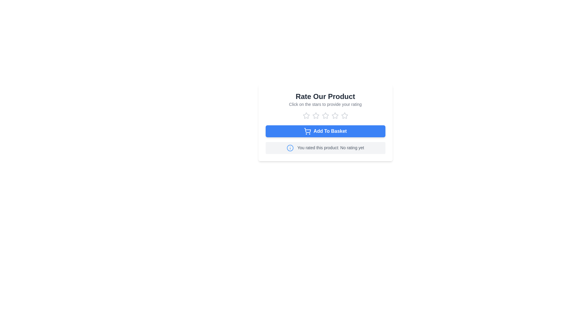 The width and height of the screenshot is (575, 323). Describe the element at coordinates (344, 115) in the screenshot. I see `the unselected rating star icon, which is the fifth star in a horizontal row of rating stars` at that location.